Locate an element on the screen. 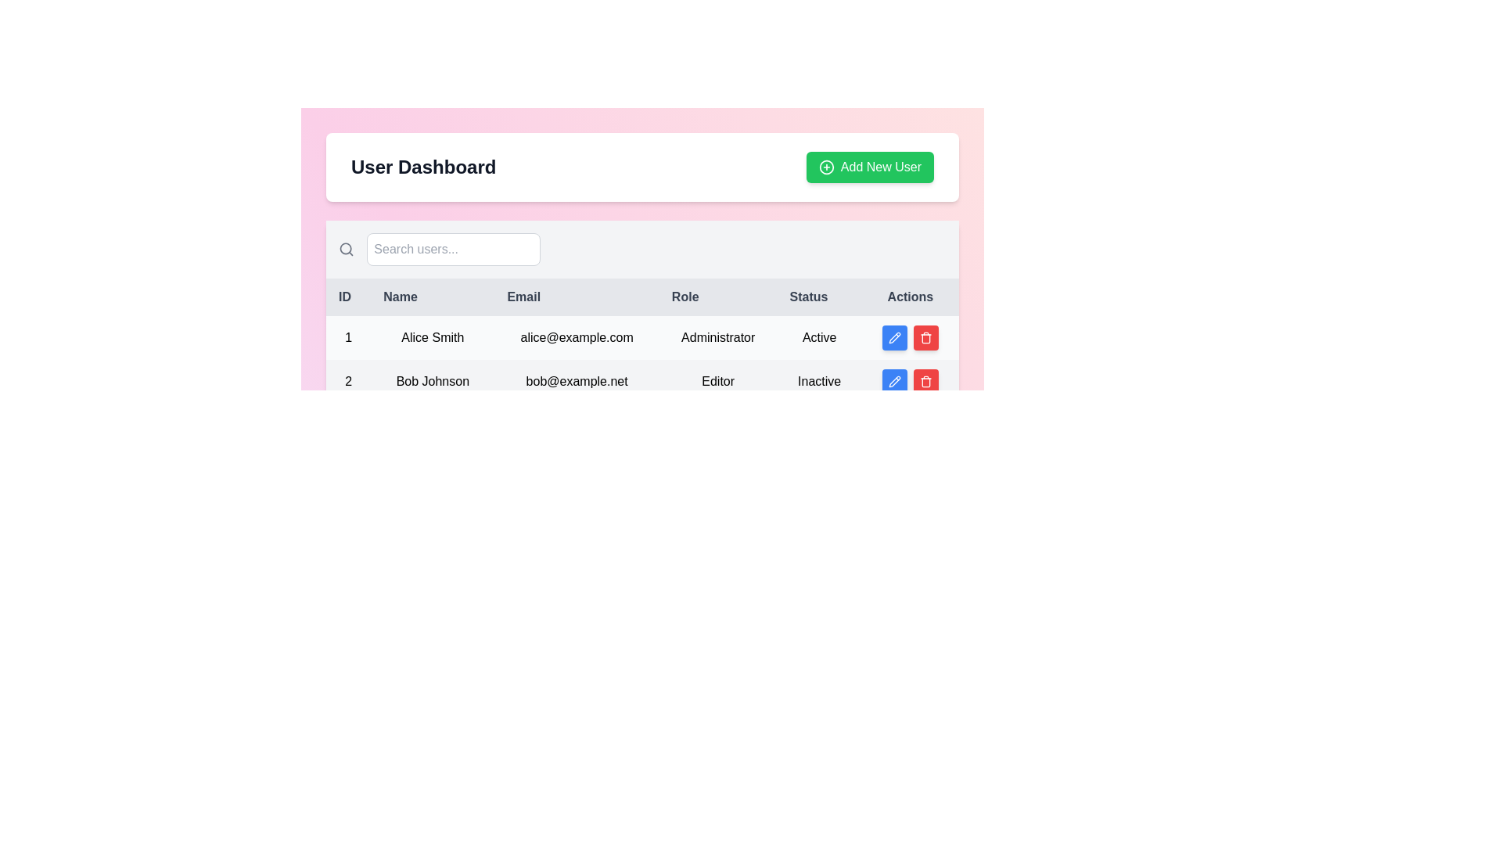 This screenshot has width=1502, height=845. the blue edit button with a pencil icon and the red delete button with a trash icon in the Actions column of the user data table for user 'Alice Smith' is located at coordinates (910, 337).